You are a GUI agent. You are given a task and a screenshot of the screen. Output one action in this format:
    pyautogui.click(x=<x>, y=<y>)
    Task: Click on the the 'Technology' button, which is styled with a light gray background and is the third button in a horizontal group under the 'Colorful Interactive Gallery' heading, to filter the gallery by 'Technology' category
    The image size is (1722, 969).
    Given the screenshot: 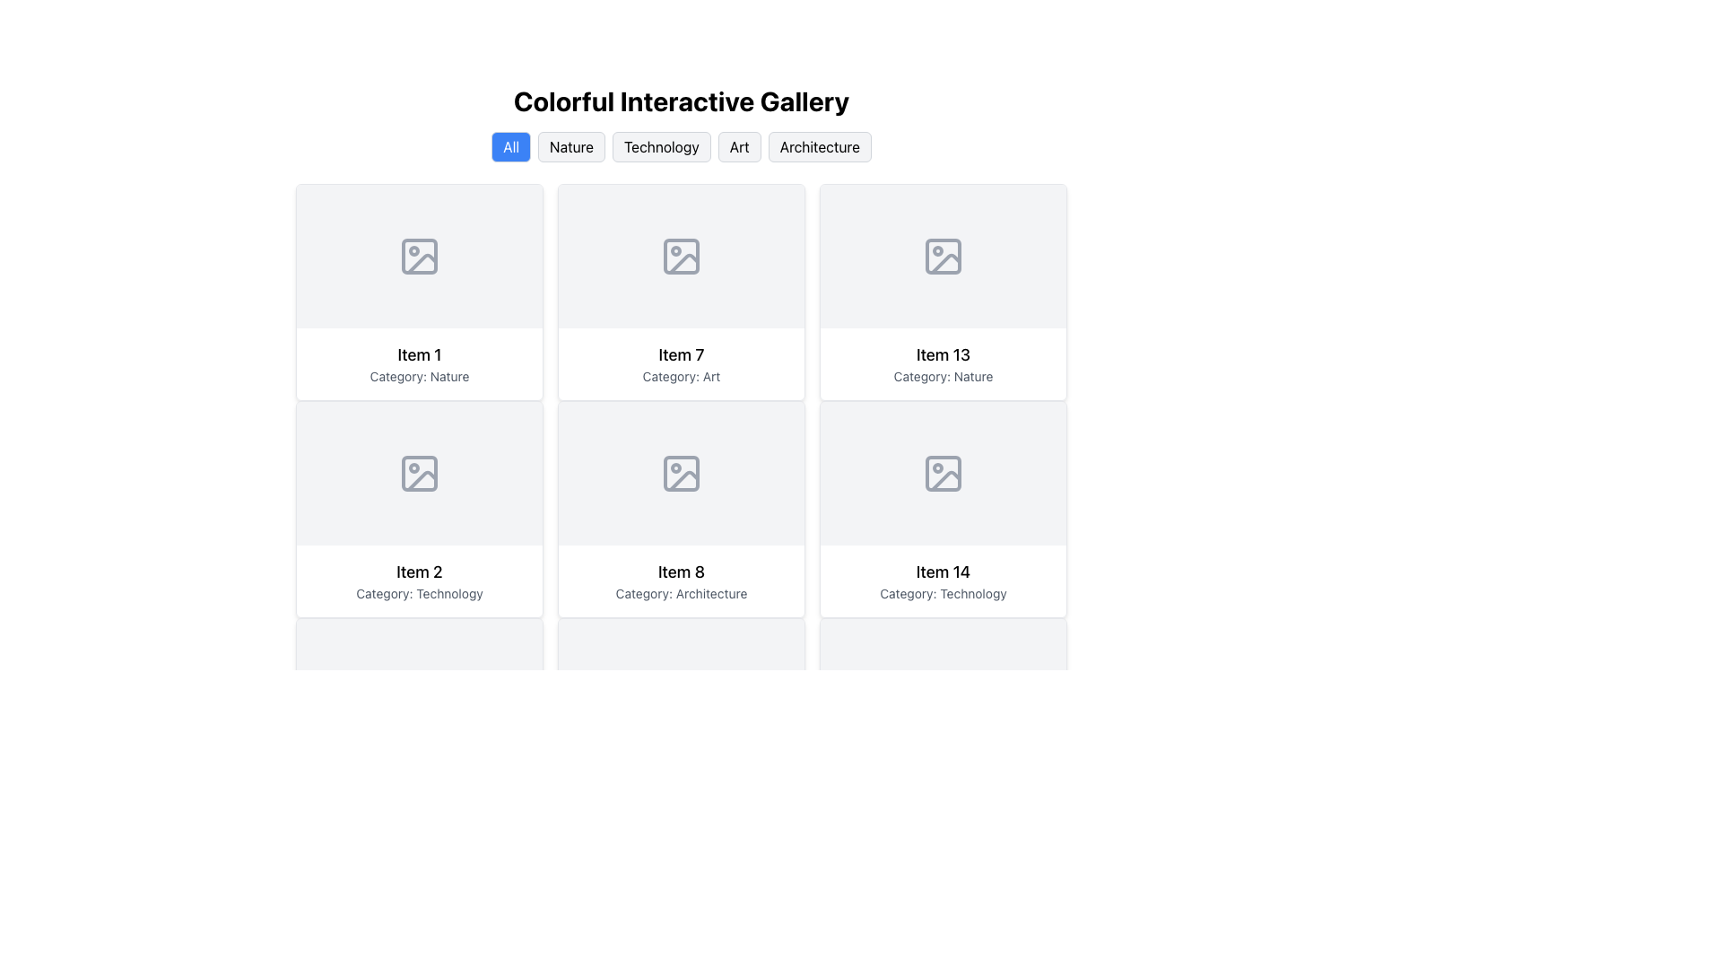 What is the action you would take?
    pyautogui.click(x=660, y=146)
    